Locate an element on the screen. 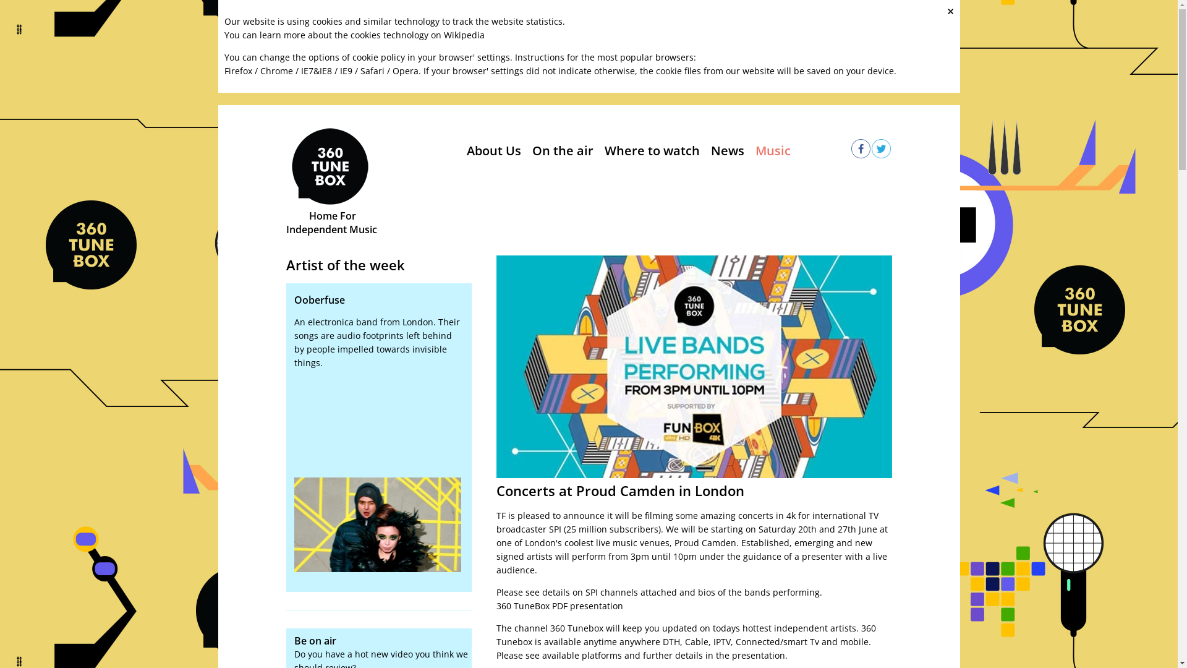 This screenshot has width=1187, height=668. 'Wikipedia' is located at coordinates (463, 34).